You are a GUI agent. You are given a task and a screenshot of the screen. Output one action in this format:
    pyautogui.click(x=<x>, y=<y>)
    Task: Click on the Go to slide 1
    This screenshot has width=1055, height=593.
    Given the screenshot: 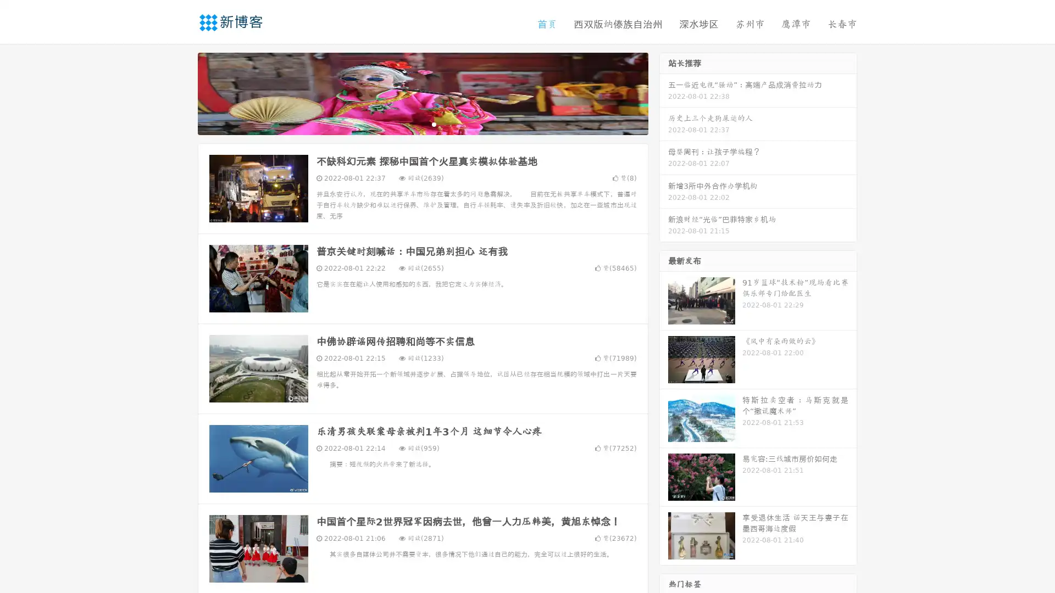 What is the action you would take?
    pyautogui.click(x=411, y=124)
    